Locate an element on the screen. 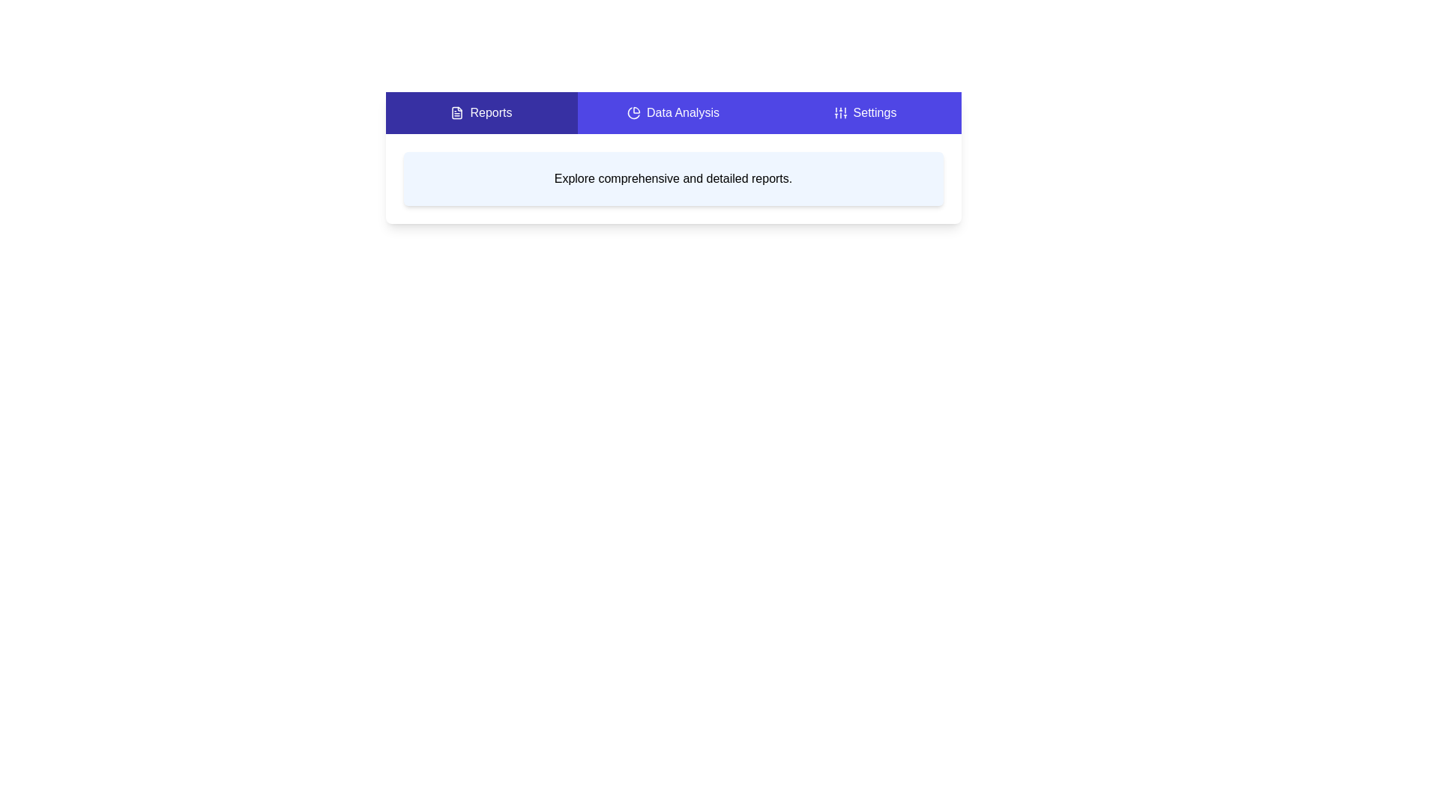  the Reports tab to view its content is located at coordinates (481, 112).